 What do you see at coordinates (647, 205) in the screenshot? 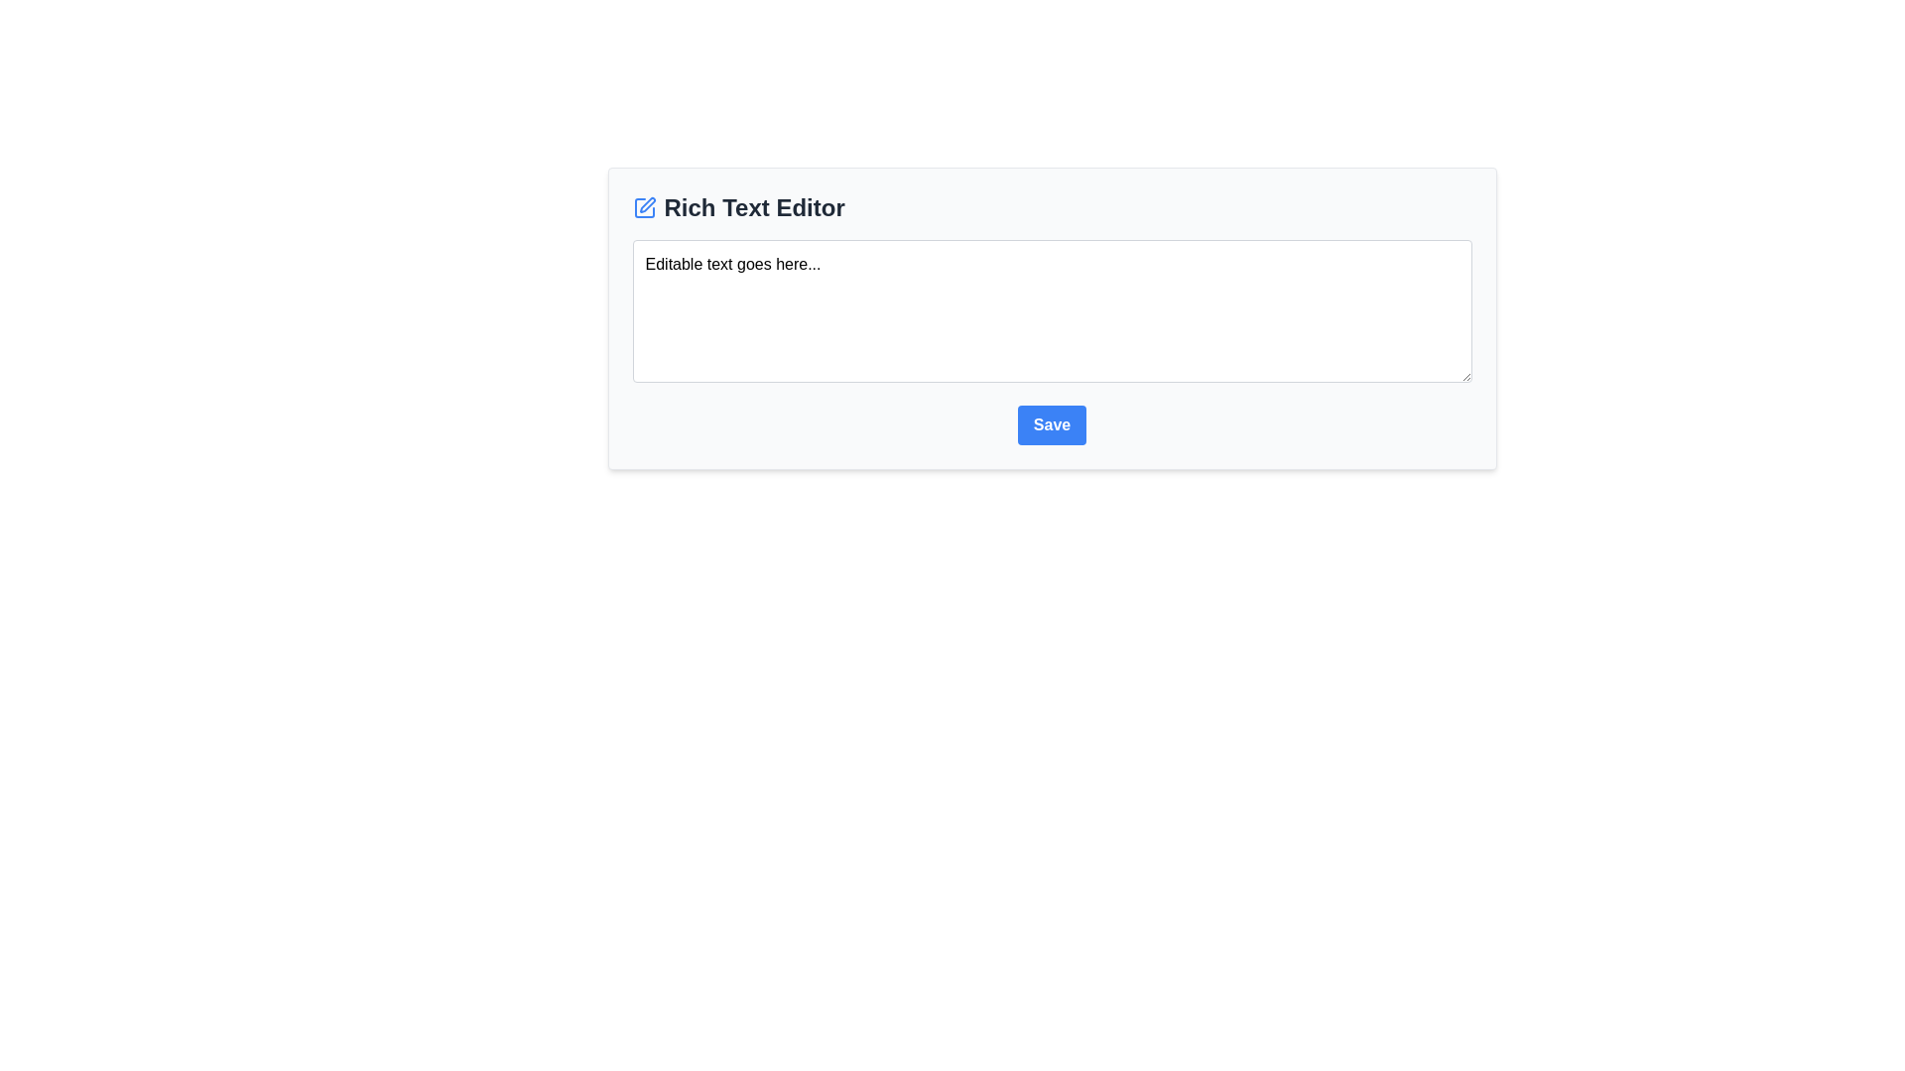
I see `the pen icon within the square outline, located near the top-left corner of the interface, aligned with the title 'Rich Text Editor'` at bounding box center [647, 205].